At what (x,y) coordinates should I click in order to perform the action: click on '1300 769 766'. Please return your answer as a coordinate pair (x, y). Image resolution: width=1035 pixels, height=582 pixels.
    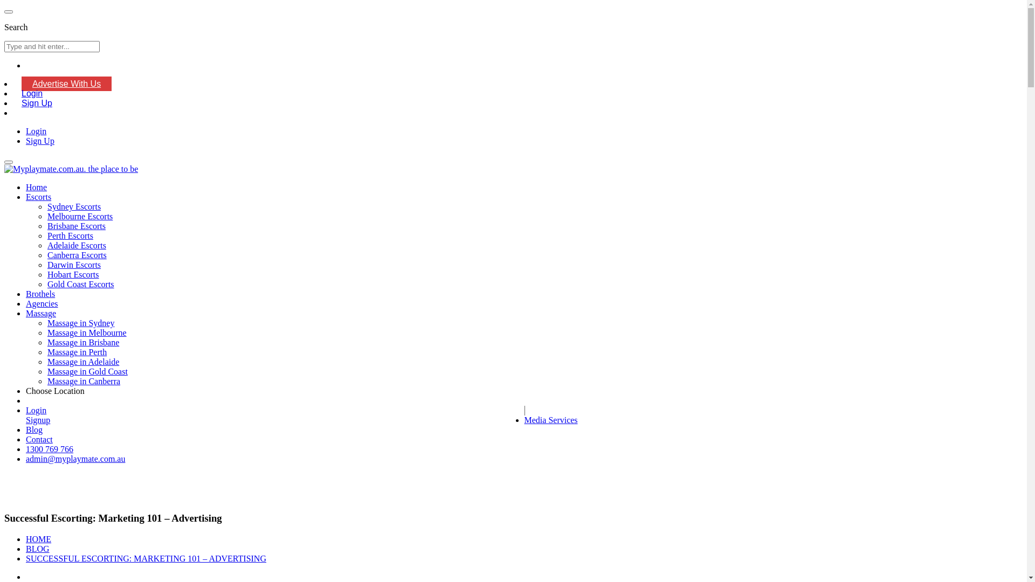
    Looking at the image, I should click on (26, 449).